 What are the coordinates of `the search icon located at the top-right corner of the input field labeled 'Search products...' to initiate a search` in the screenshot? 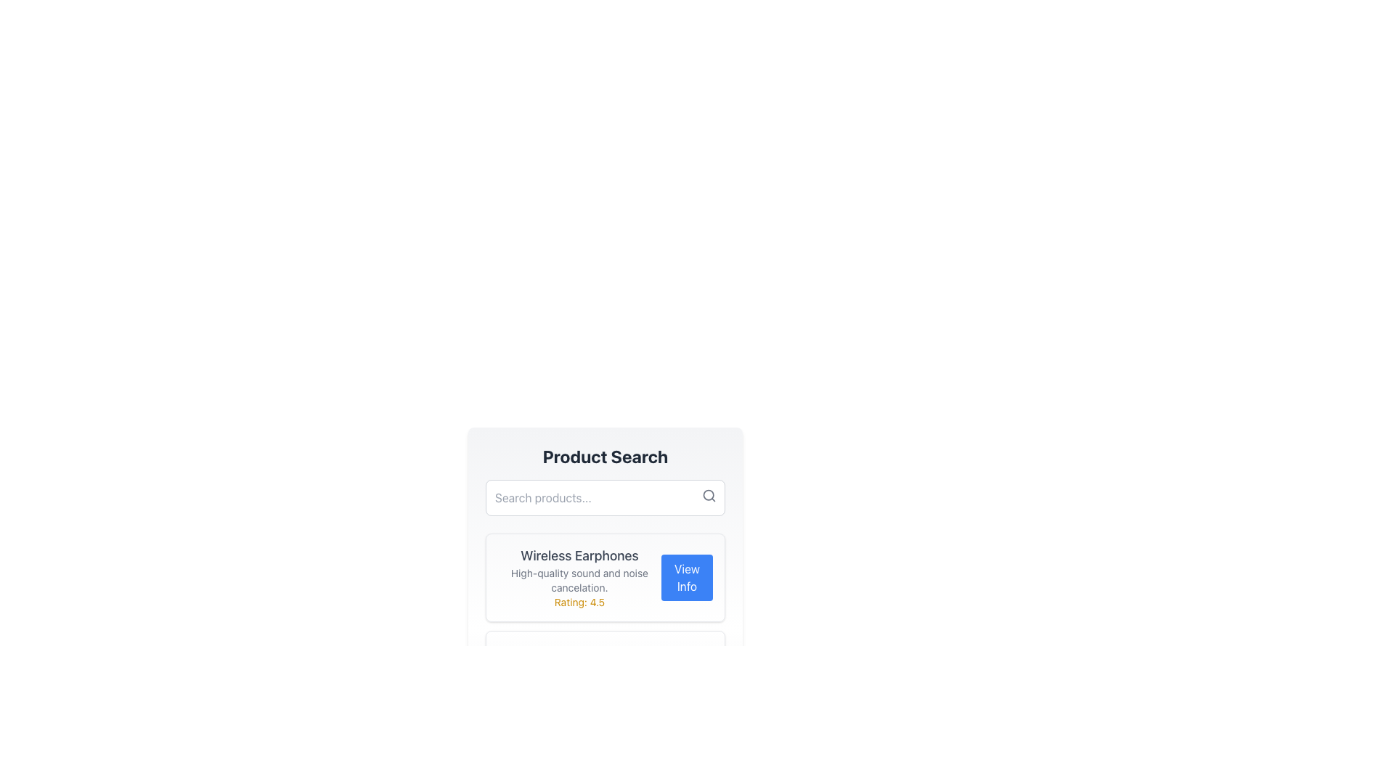 It's located at (709, 494).